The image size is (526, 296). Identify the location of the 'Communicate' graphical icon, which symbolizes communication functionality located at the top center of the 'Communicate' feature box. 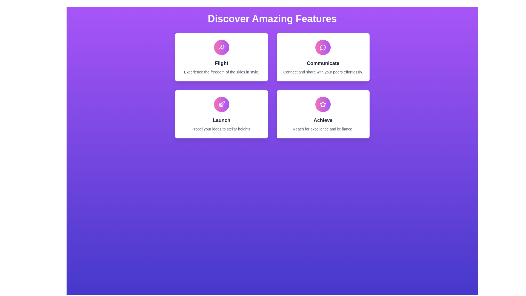
(323, 47).